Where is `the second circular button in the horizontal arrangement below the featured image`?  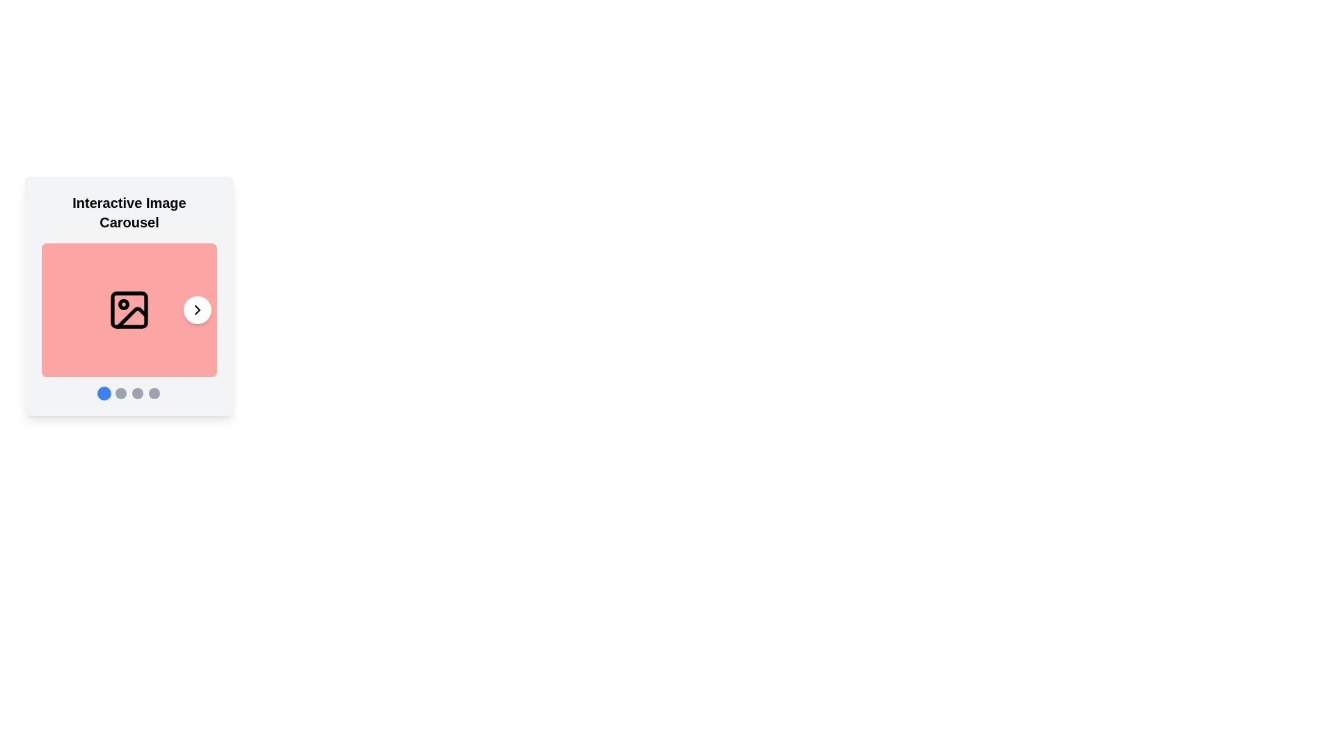 the second circular button in the horizontal arrangement below the featured image is located at coordinates (120, 394).